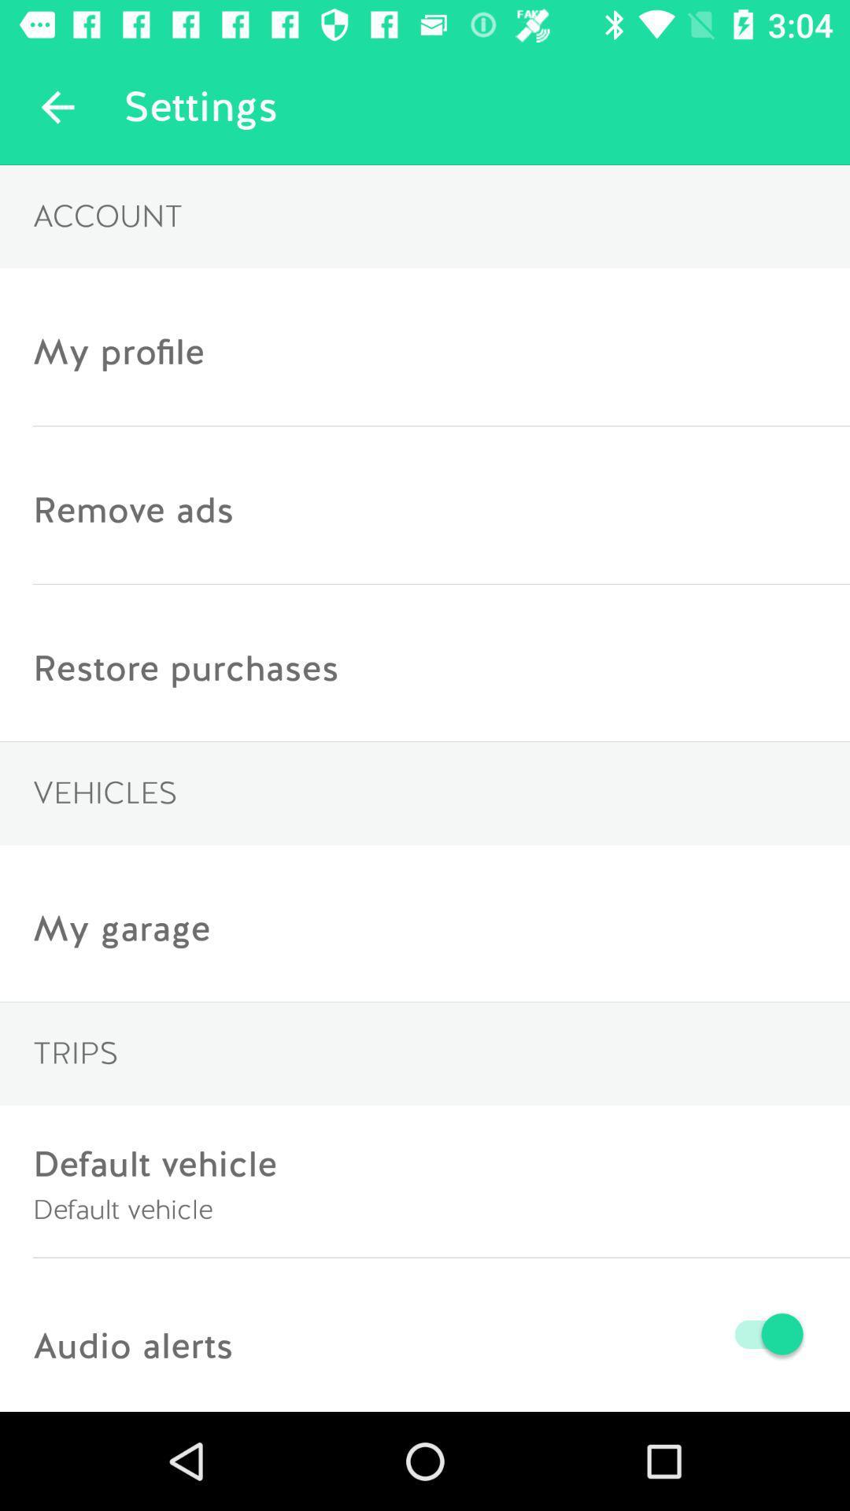 This screenshot has height=1511, width=850. Describe the element at coordinates (522, 1333) in the screenshot. I see `icon to the right of the audio alerts item` at that location.